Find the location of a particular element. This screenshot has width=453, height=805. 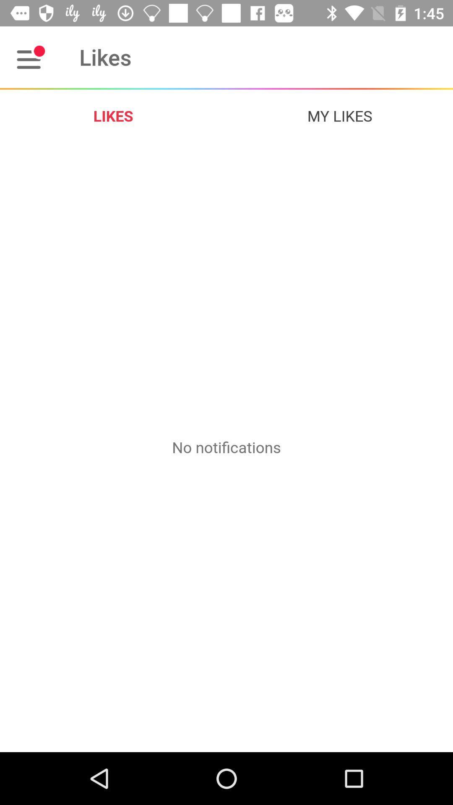

item next to likes item is located at coordinates (30, 57).